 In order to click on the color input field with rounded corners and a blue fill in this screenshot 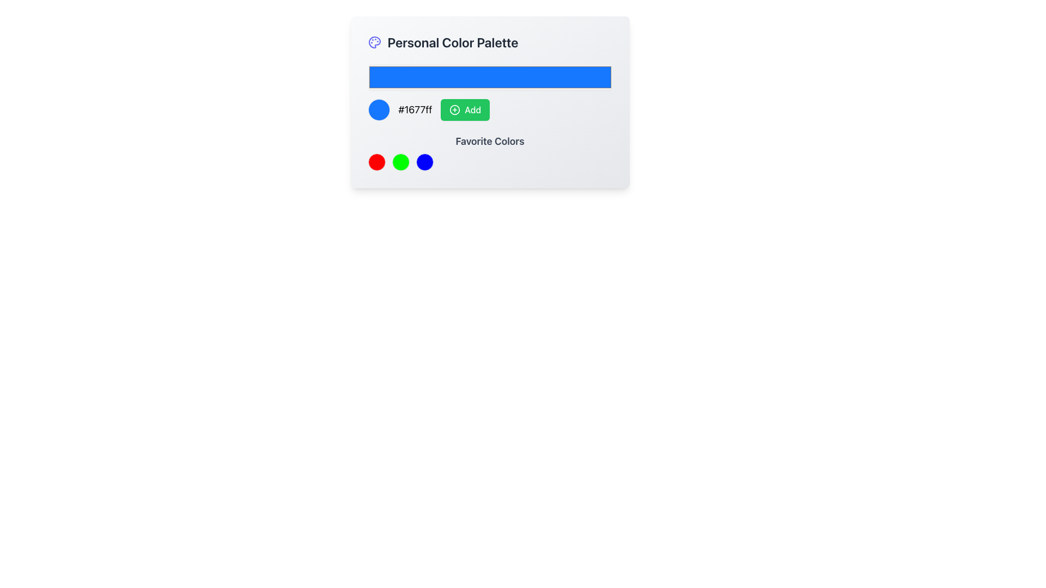, I will do `click(489, 77)`.